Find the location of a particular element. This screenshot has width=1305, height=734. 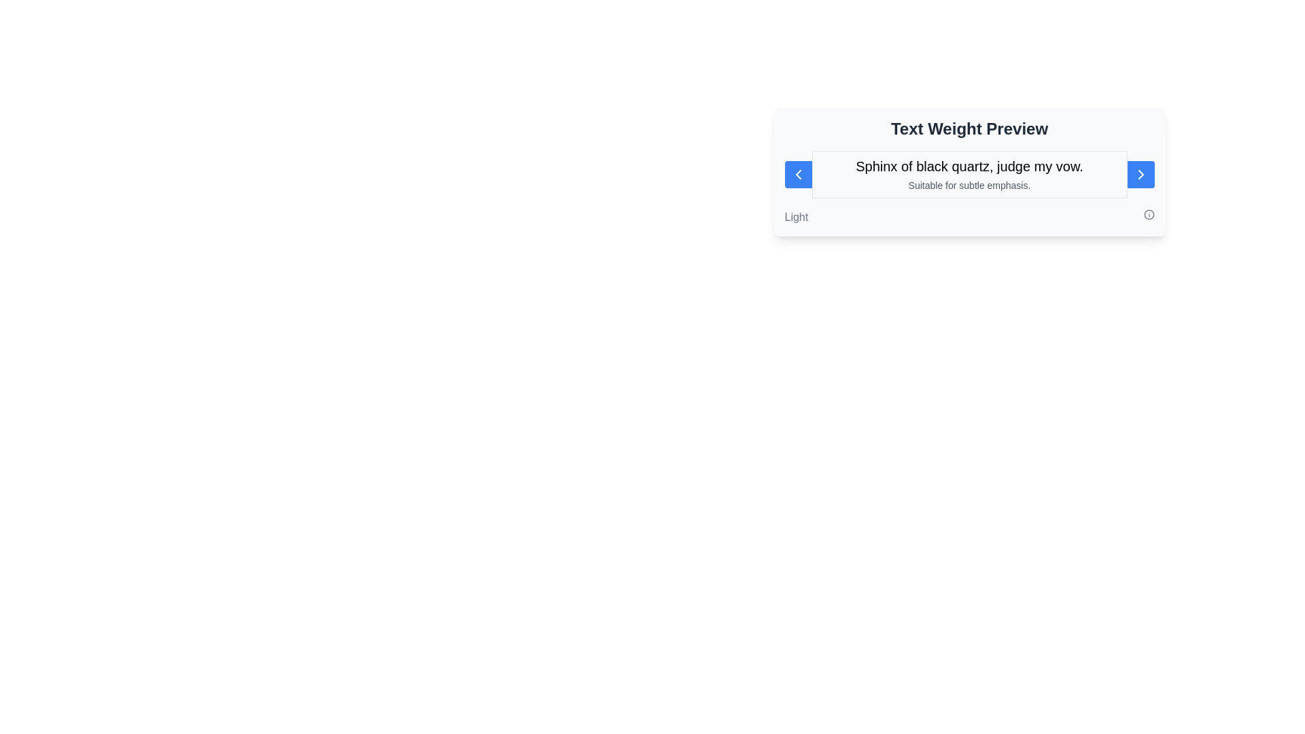

the emphasized title text element located at the top of the box, which displays a line of text for emphasis is located at coordinates (969, 166).